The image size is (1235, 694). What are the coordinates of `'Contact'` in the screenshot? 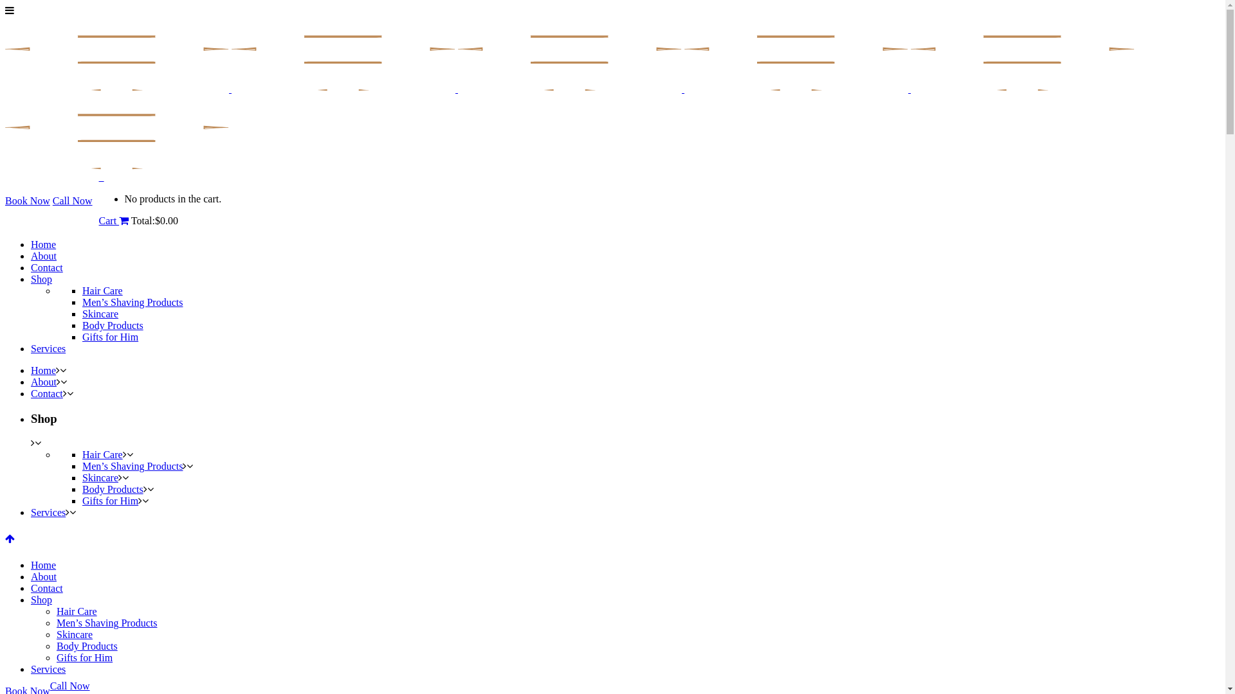 It's located at (46, 393).